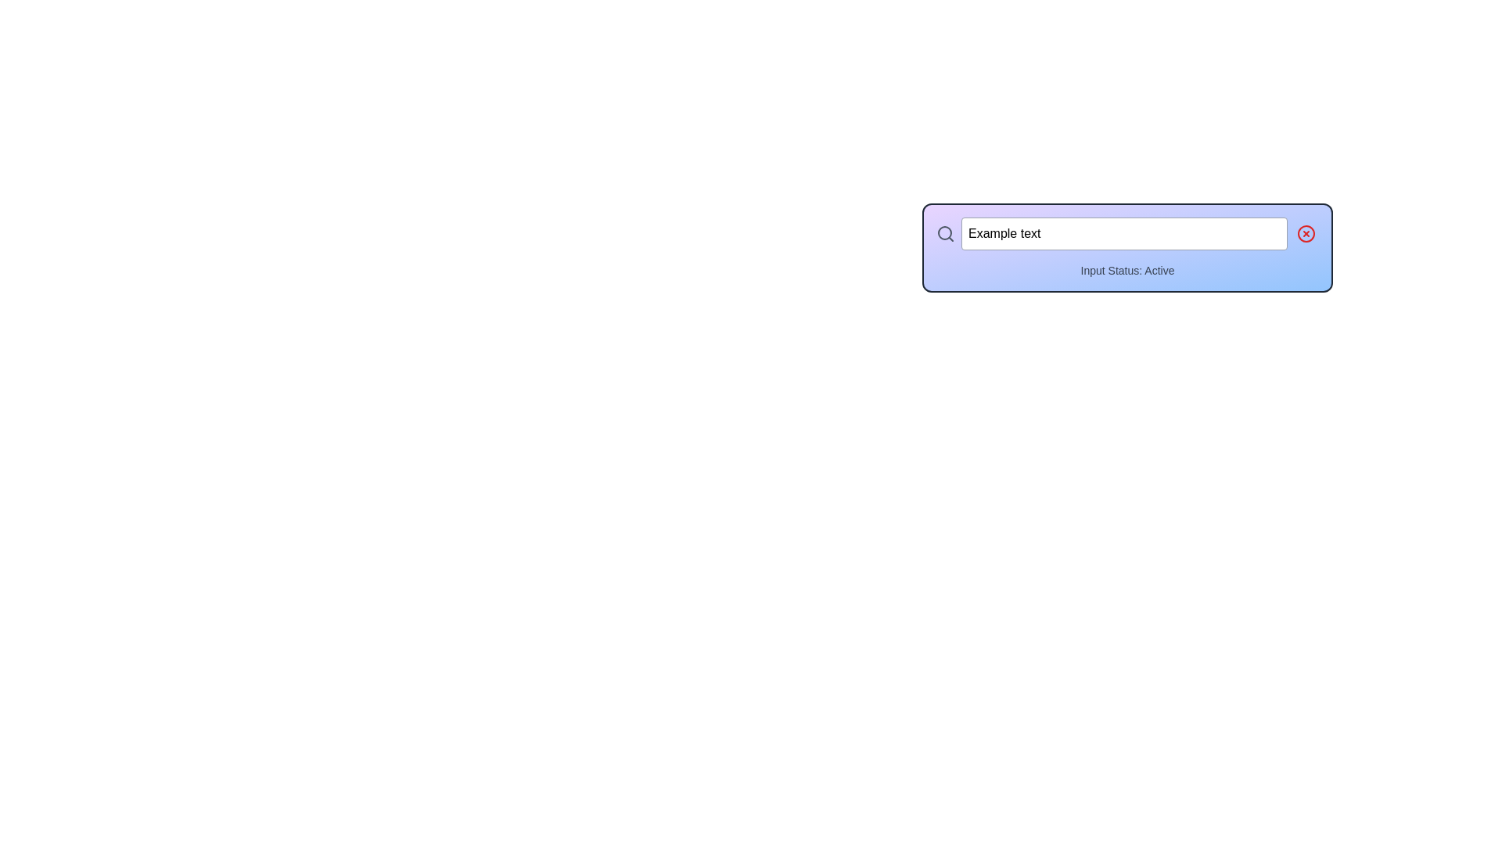 This screenshot has height=845, width=1502. Describe the element at coordinates (1306, 234) in the screenshot. I see `the close button by clicking on the circle that serves as a background or clickable area for the 'X' symbol` at that location.